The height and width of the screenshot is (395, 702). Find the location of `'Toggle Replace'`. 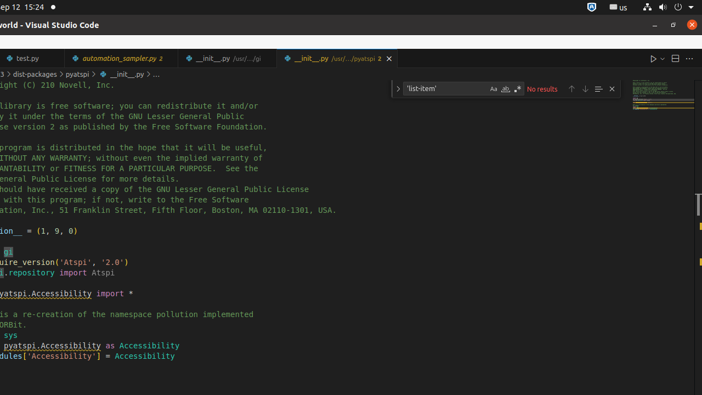

'Toggle Replace' is located at coordinates (398, 88).